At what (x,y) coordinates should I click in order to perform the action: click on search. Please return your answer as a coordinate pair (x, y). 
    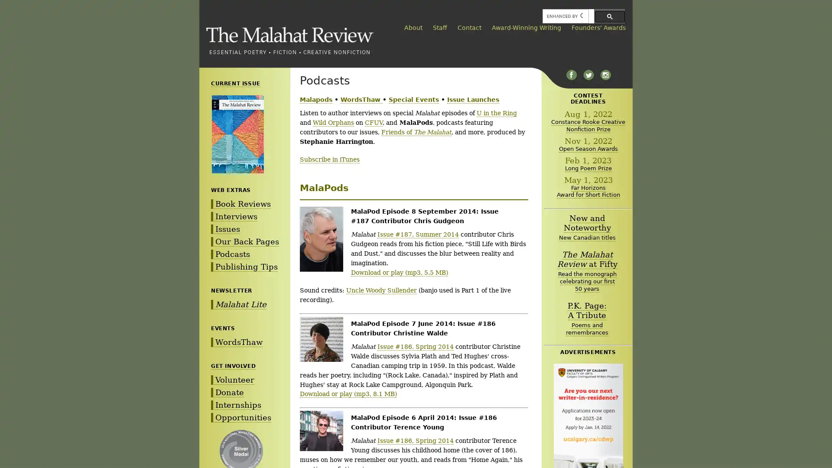
    Looking at the image, I should click on (609, 16).